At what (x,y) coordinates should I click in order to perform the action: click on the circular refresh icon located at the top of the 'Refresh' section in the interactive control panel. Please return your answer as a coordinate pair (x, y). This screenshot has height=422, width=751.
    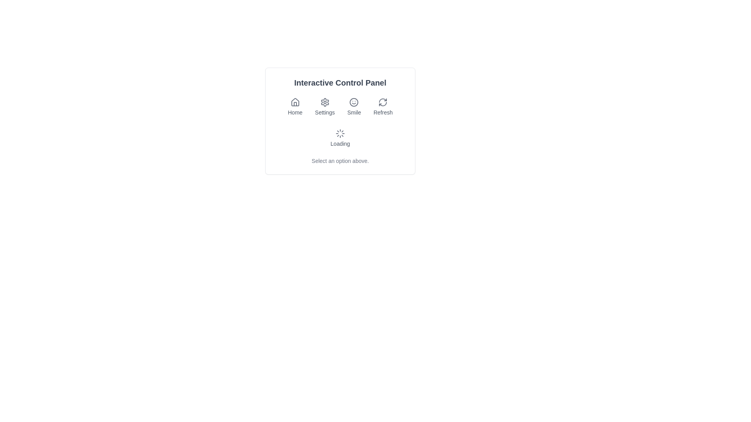
    Looking at the image, I should click on (383, 102).